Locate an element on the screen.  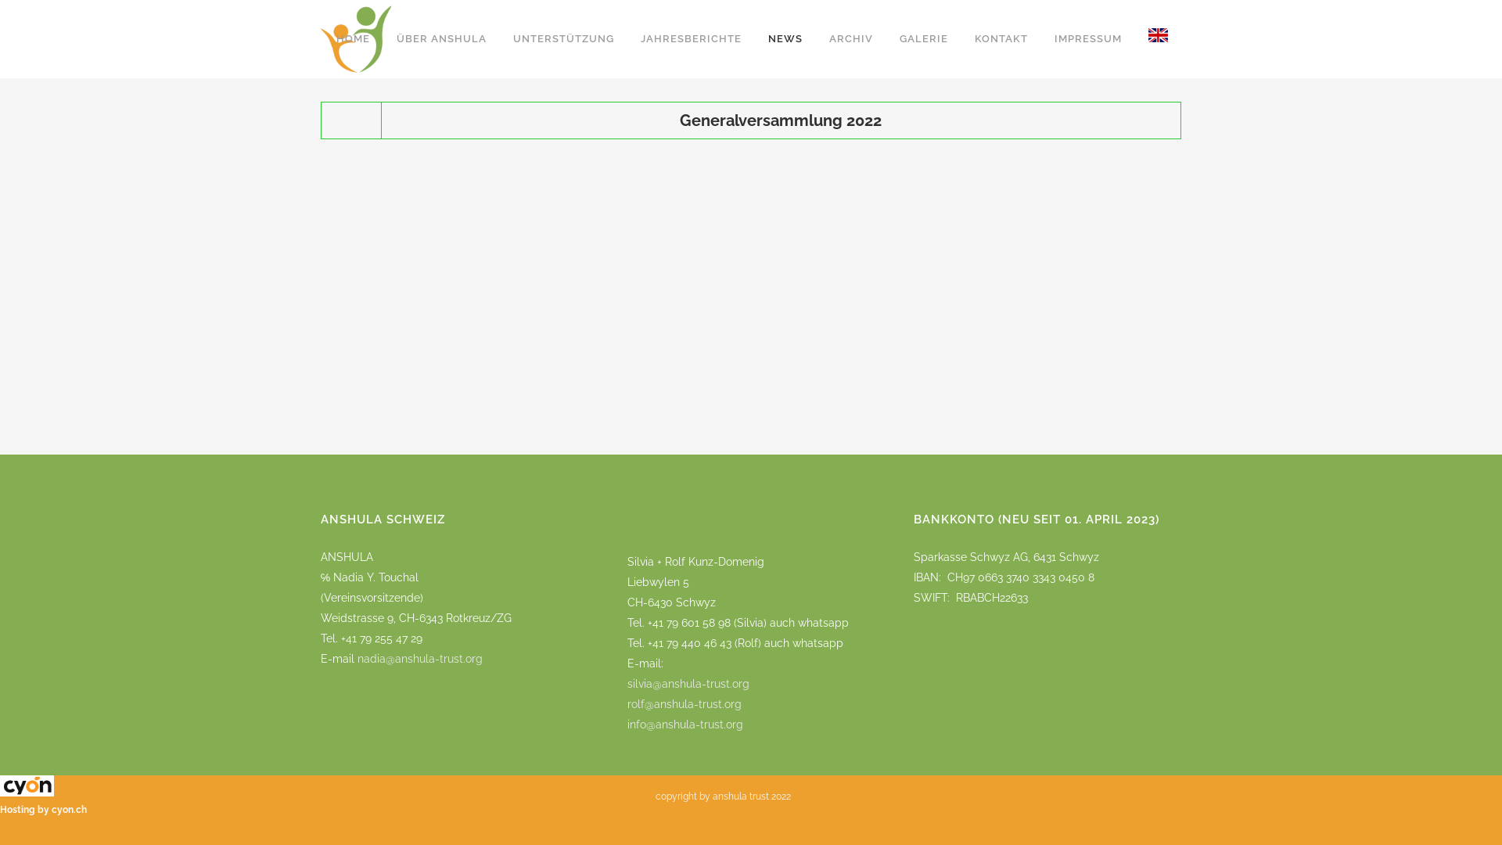
'GALERIE' is located at coordinates (923, 38).